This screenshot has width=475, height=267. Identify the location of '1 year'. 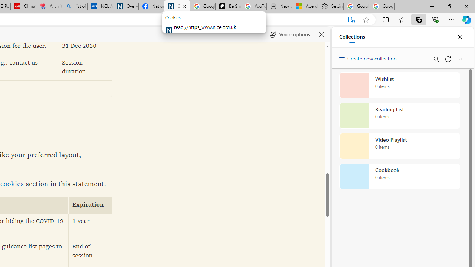
(90, 226).